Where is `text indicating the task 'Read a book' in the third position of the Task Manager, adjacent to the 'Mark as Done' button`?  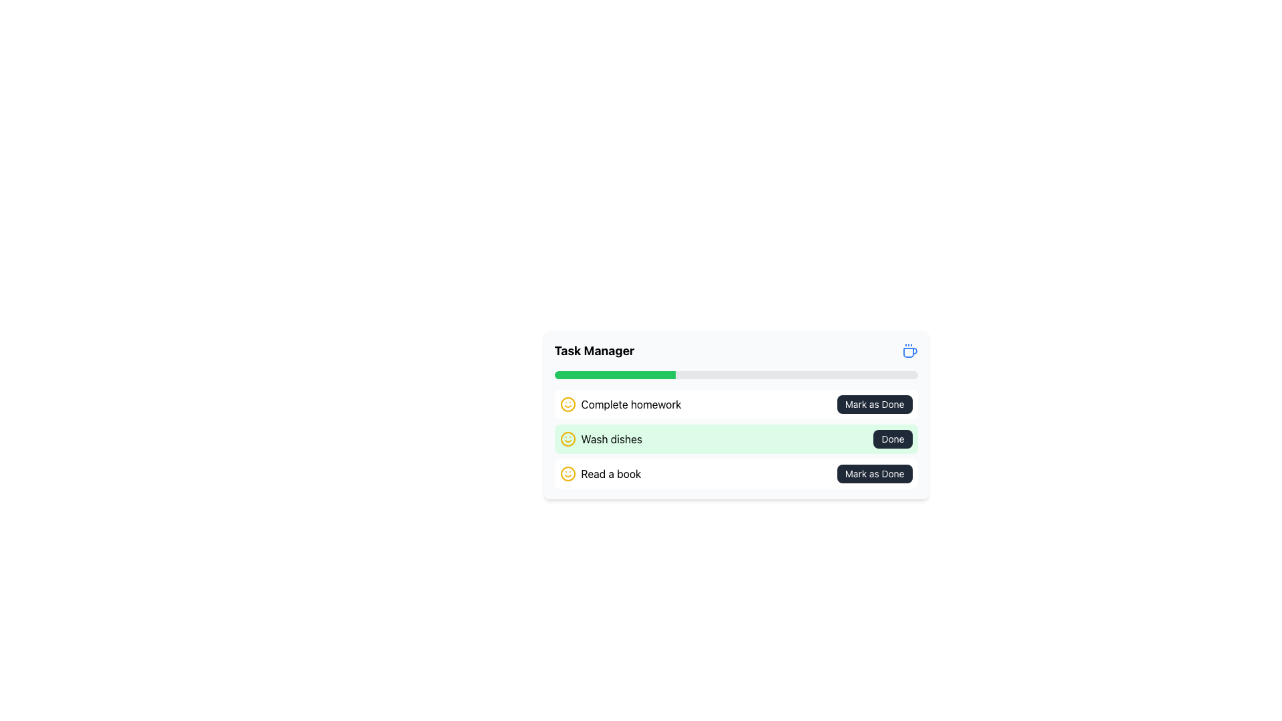
text indicating the task 'Read a book' in the third position of the Task Manager, adjacent to the 'Mark as Done' button is located at coordinates (600, 473).